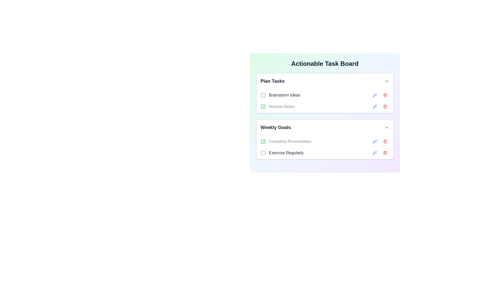 The height and width of the screenshot is (281, 500). What do you see at coordinates (374, 152) in the screenshot?
I see `the edit icon located at the bottom section of the 'Weekly Goals' category in the task board interface` at bounding box center [374, 152].